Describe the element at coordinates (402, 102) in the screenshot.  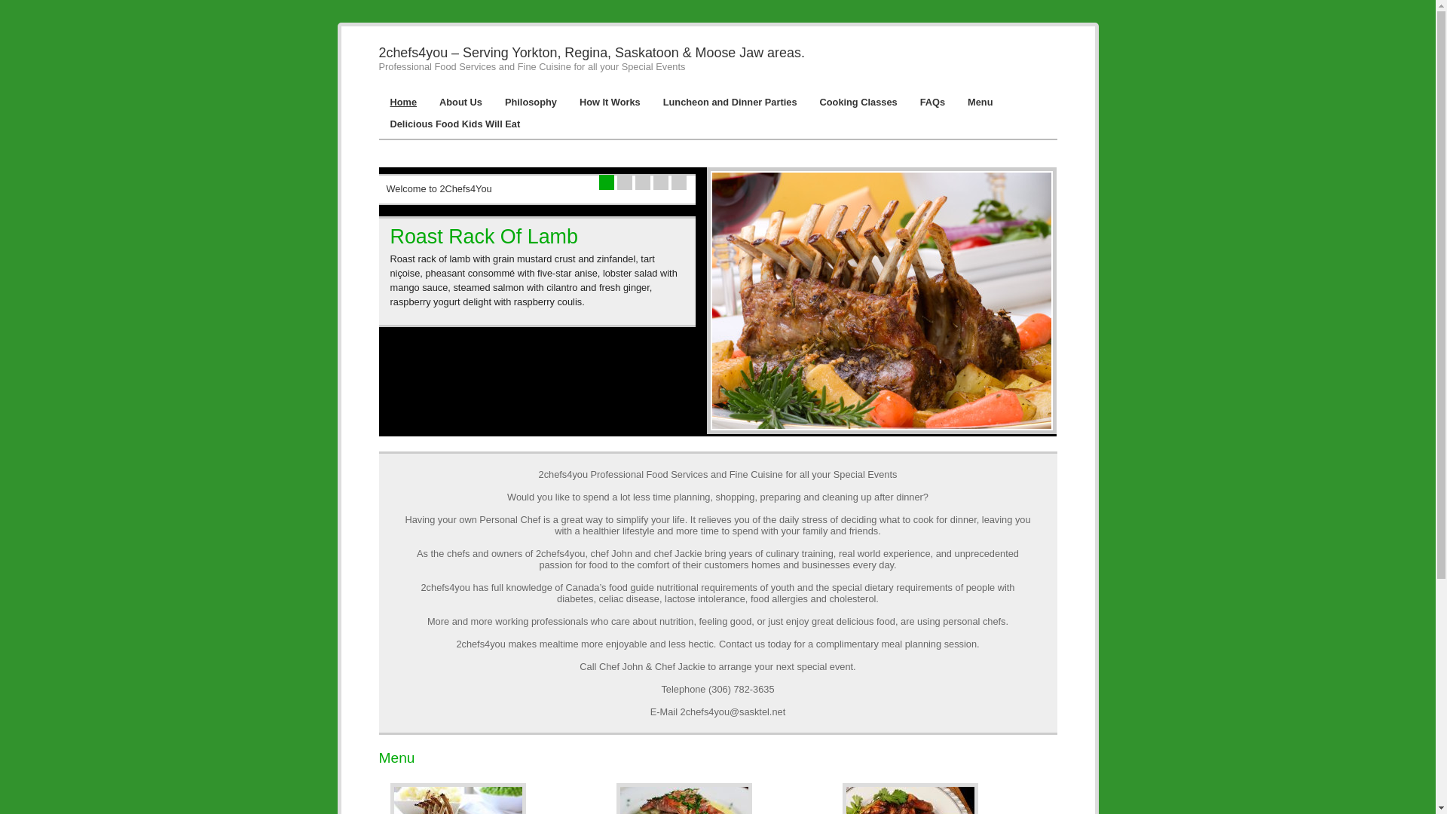
I see `'Home'` at that location.